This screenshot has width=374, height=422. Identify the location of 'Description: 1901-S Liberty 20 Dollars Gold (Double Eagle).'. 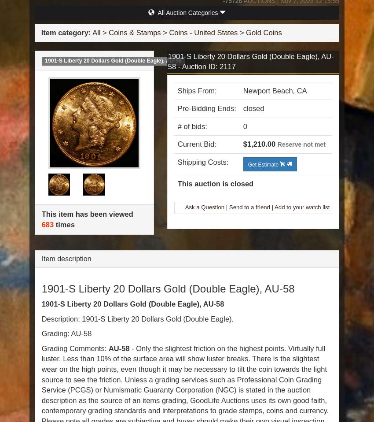
(41, 318).